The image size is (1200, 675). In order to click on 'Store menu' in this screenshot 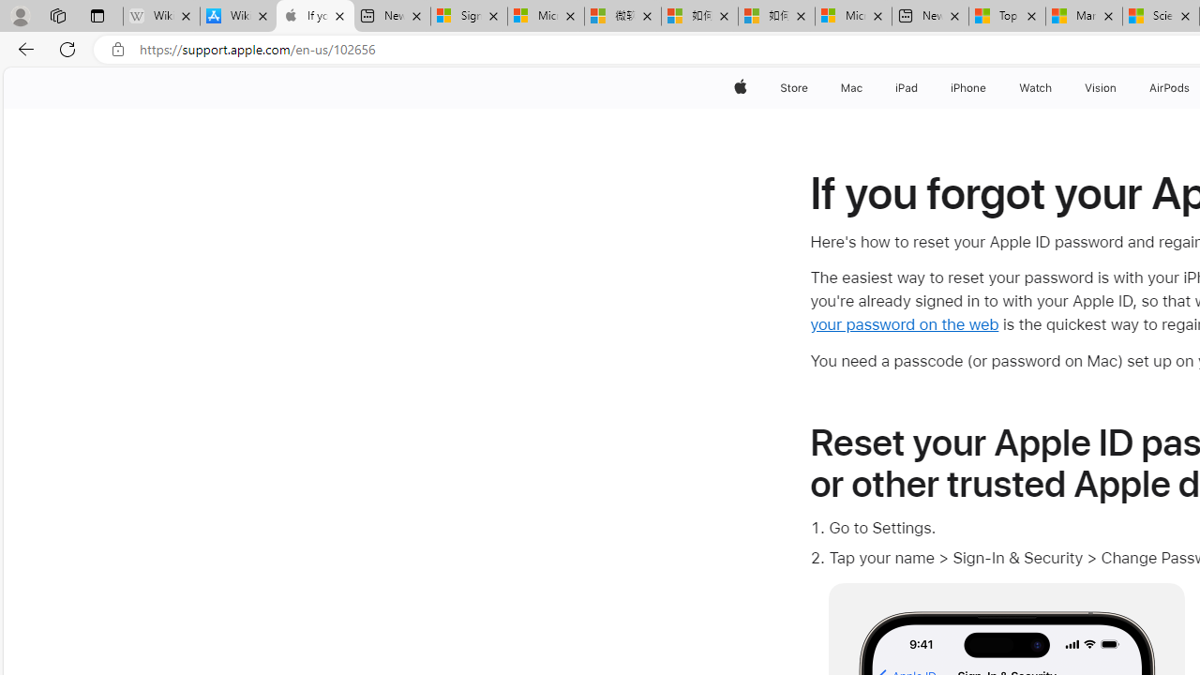, I will do `click(811, 87)`.